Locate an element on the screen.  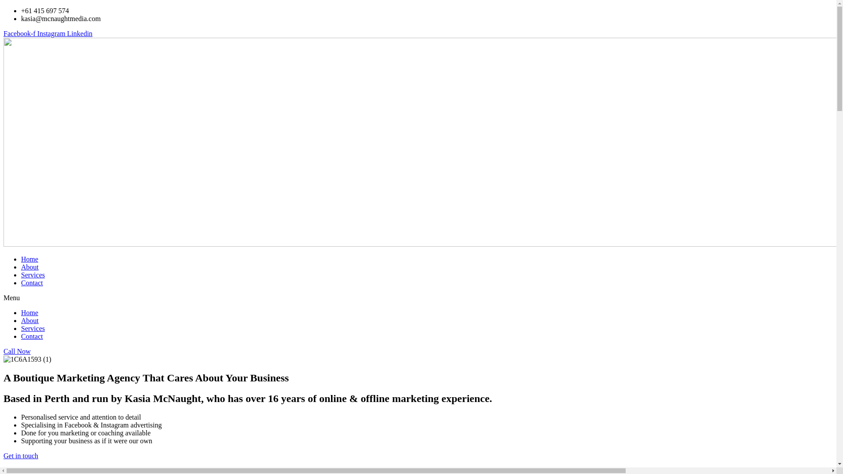
'Call Now' is located at coordinates (4, 351).